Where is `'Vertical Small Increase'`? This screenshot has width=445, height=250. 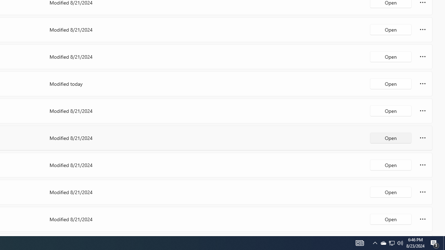
'Vertical Small Increase' is located at coordinates (442, 233).